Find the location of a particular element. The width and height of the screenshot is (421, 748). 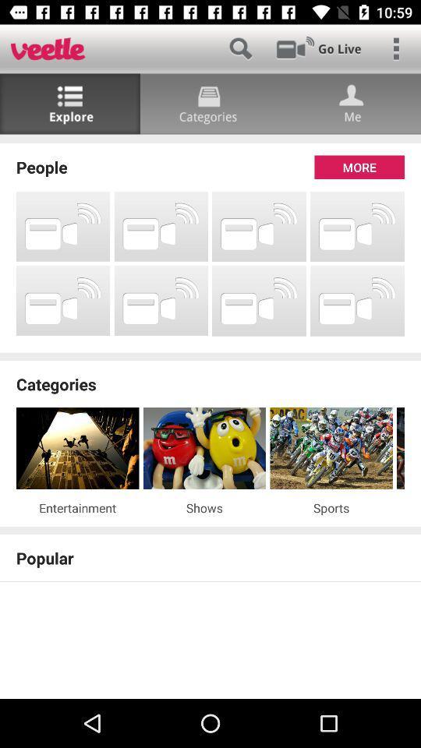

the app to the left of the sports icon is located at coordinates (204, 506).